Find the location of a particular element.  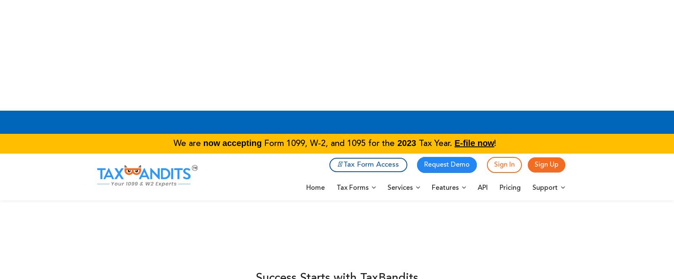

'Search Now' is located at coordinates (431, 45).